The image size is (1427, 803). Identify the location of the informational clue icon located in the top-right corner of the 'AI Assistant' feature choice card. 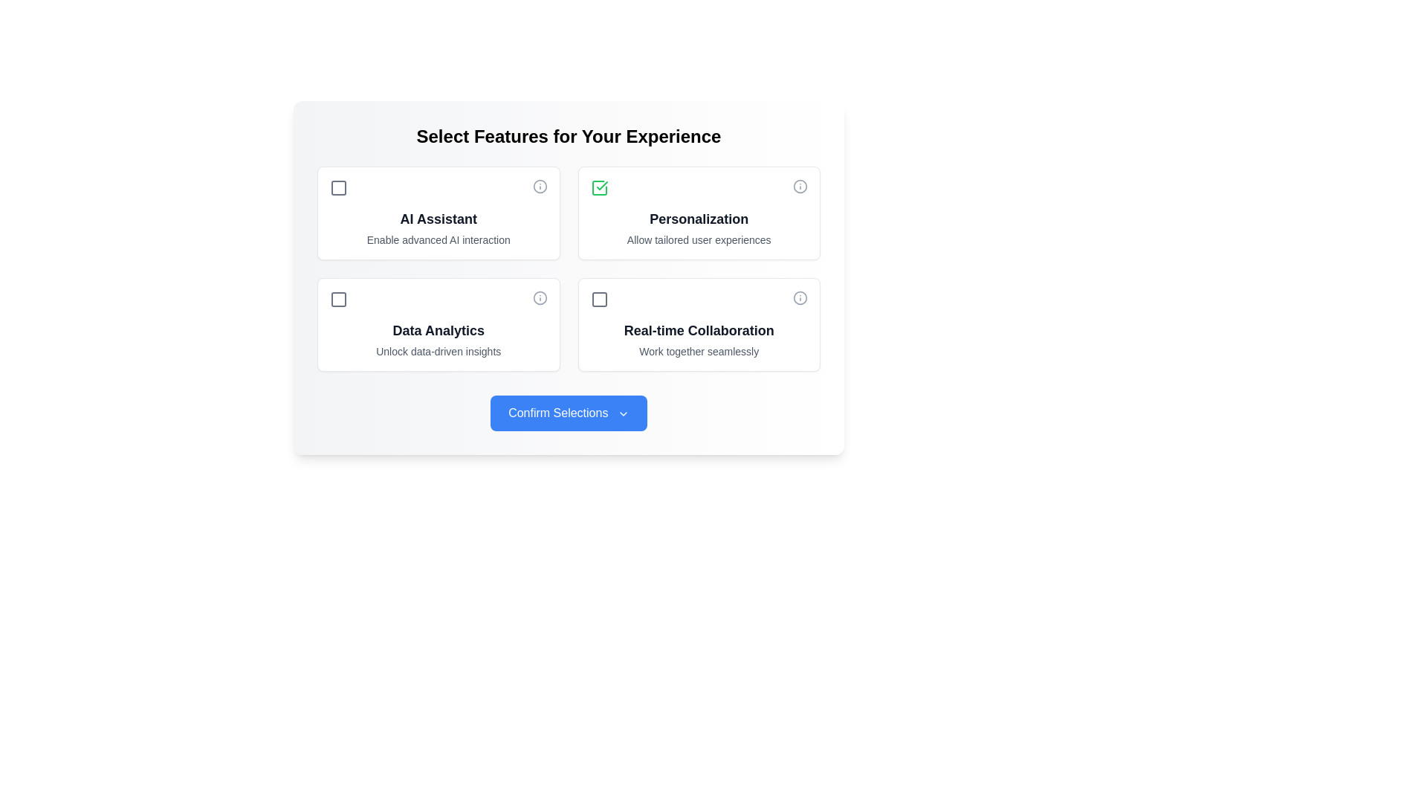
(539, 185).